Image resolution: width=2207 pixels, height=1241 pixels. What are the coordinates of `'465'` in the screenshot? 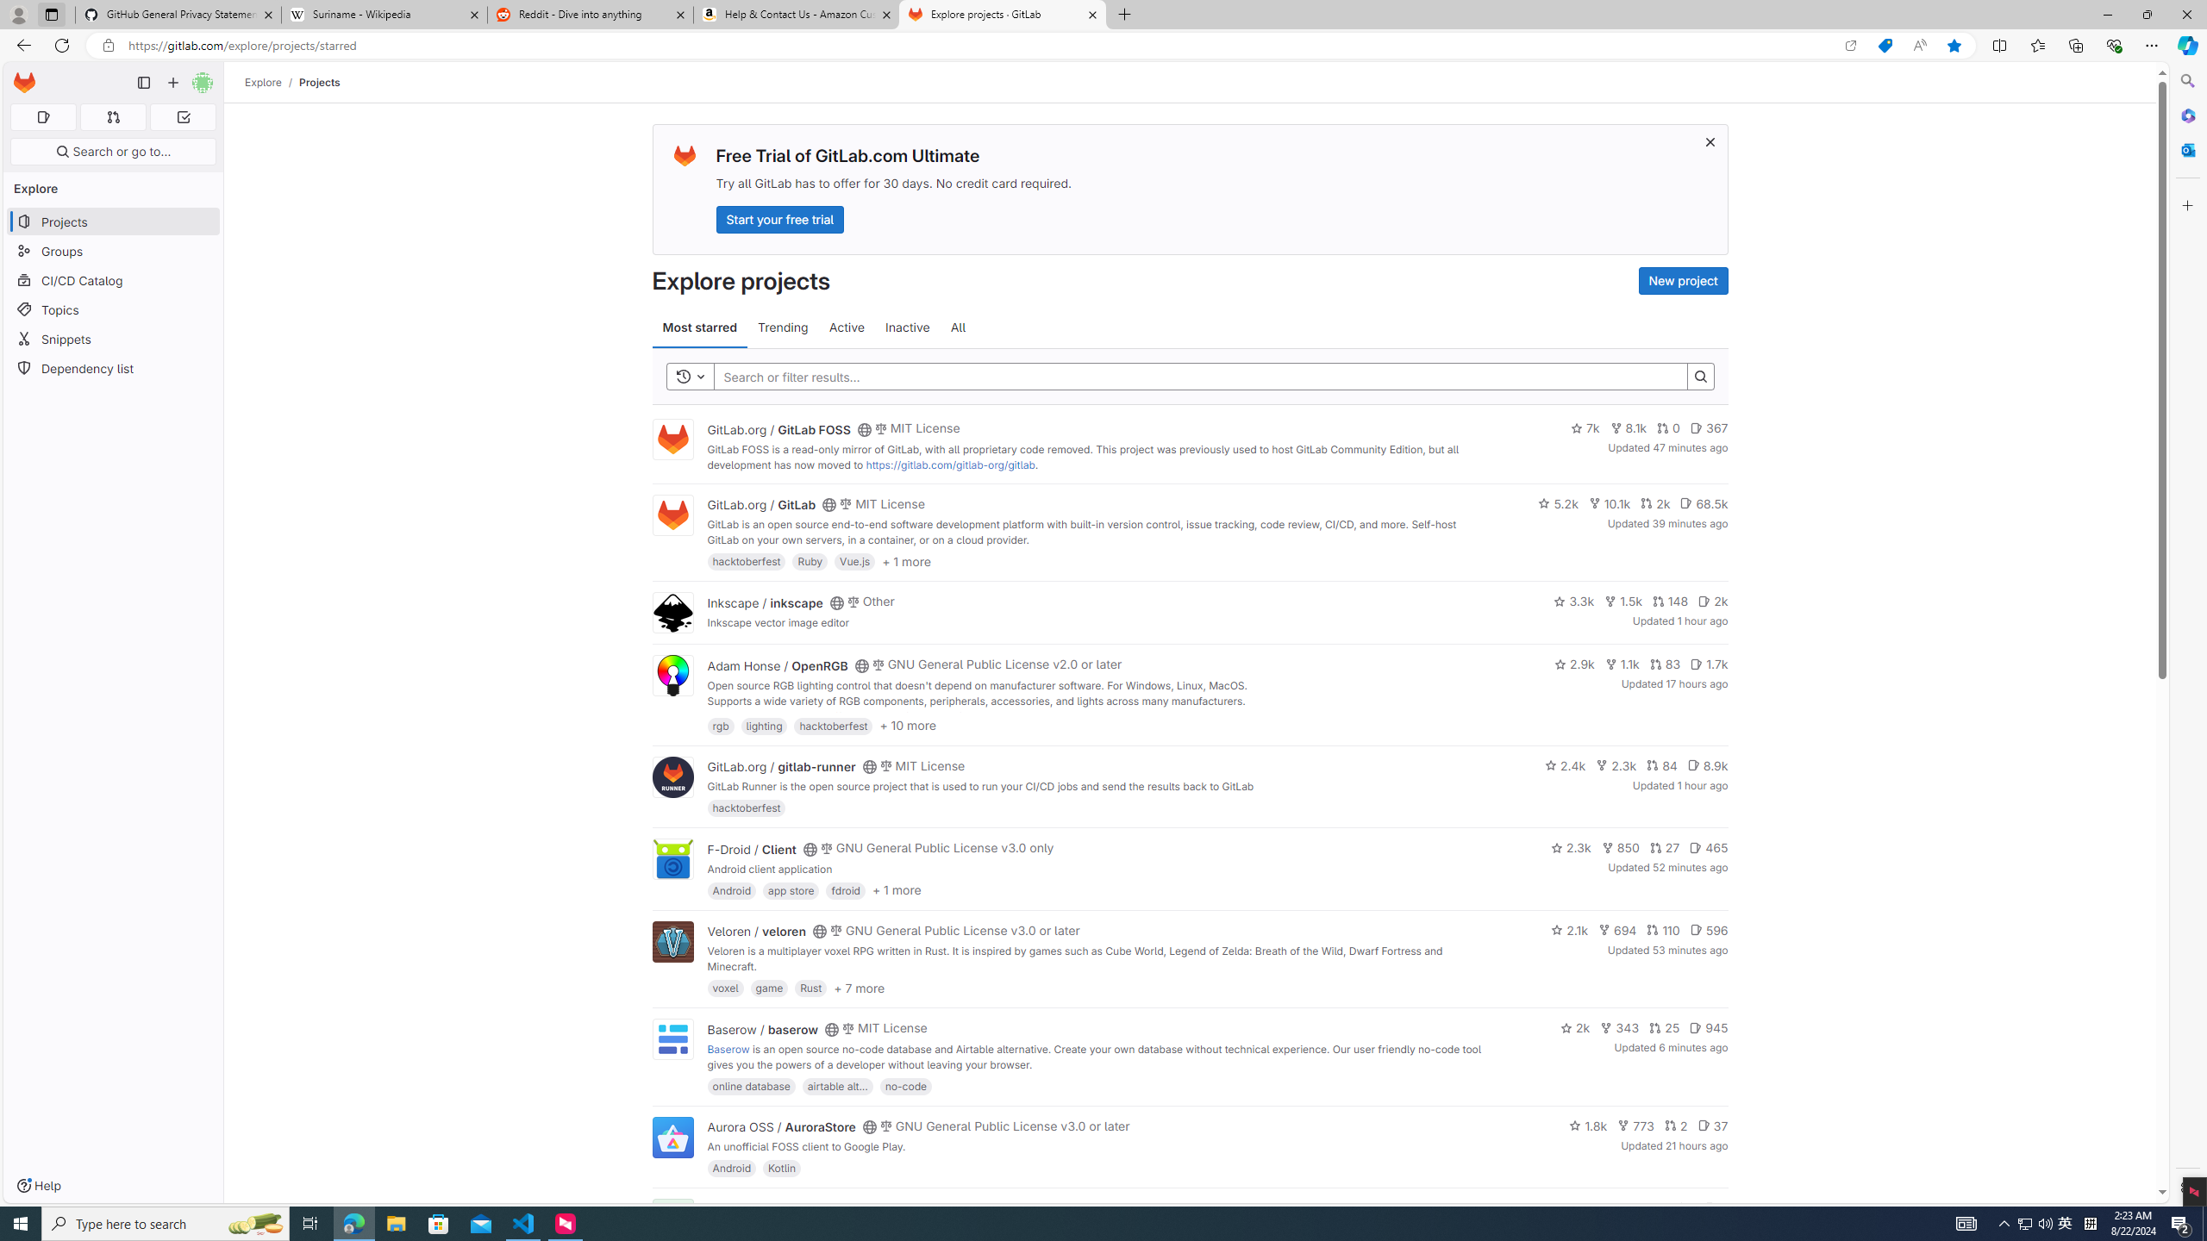 It's located at (1708, 848).